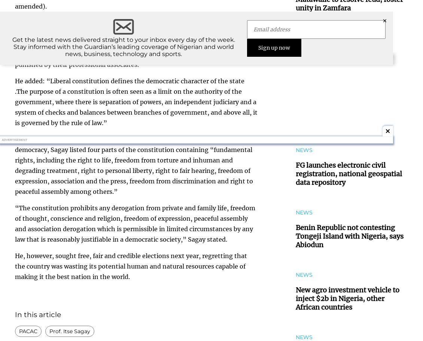 Image resolution: width=423 pixels, height=341 pixels. What do you see at coordinates (70, 331) in the screenshot?
I see `'Prof. Itse Sagay'` at bounding box center [70, 331].